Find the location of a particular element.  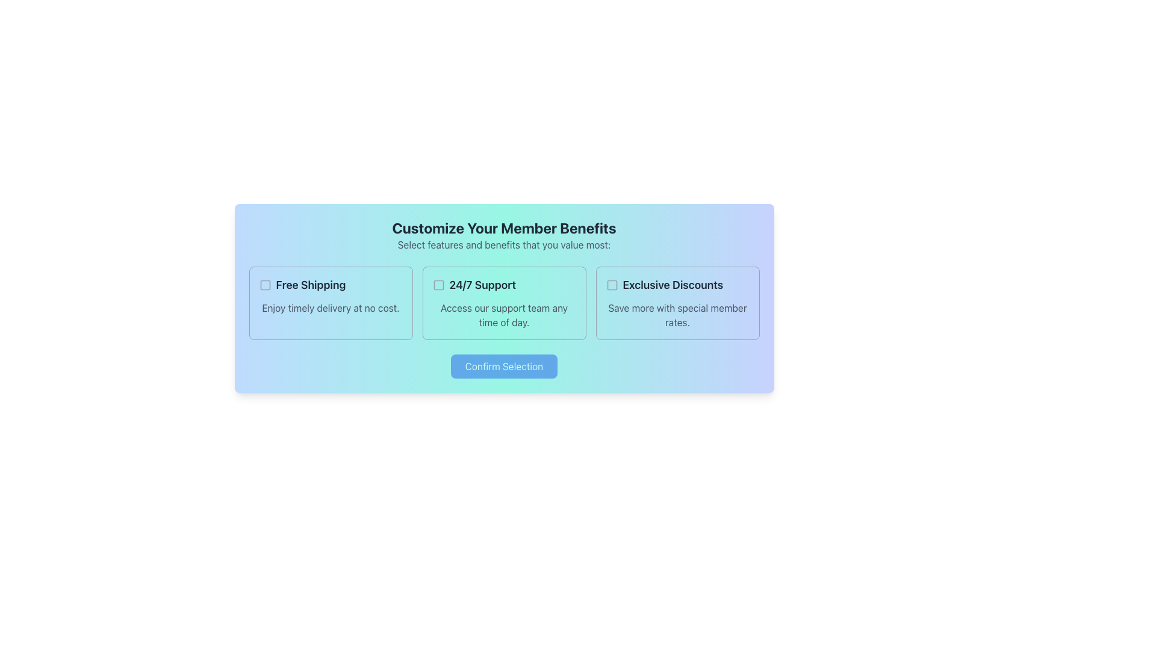

information presented in the '24/7 Support' feature selection section, which includes a title, a brief description, and a checkbox for selection is located at coordinates (504, 303).